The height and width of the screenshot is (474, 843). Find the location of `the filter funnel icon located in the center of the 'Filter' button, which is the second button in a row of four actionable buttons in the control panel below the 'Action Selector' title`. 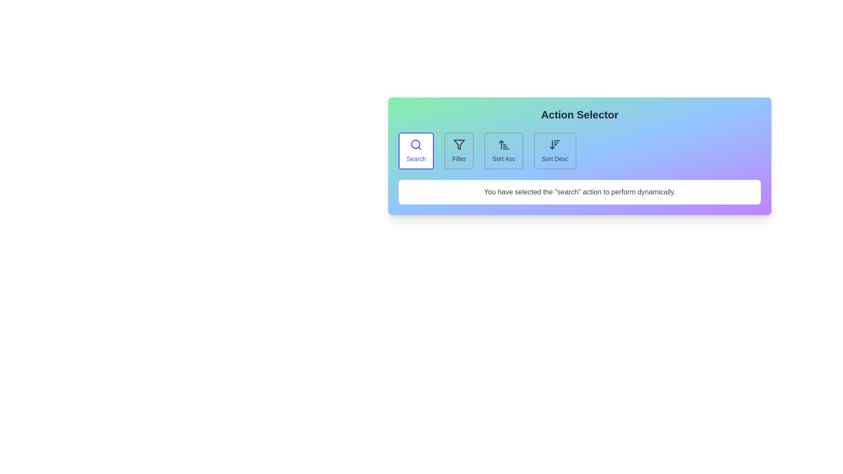

the filter funnel icon located in the center of the 'Filter' button, which is the second button in a row of four actionable buttons in the control panel below the 'Action Selector' title is located at coordinates (459, 144).